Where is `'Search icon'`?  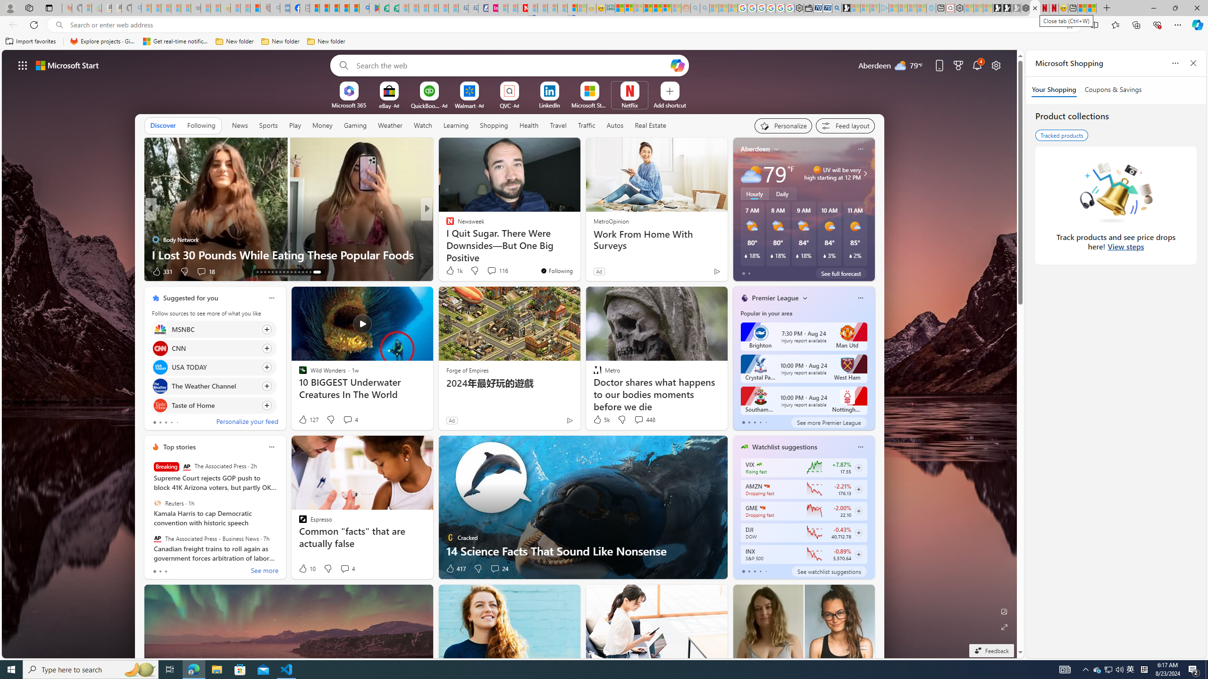 'Search icon' is located at coordinates (59, 25).